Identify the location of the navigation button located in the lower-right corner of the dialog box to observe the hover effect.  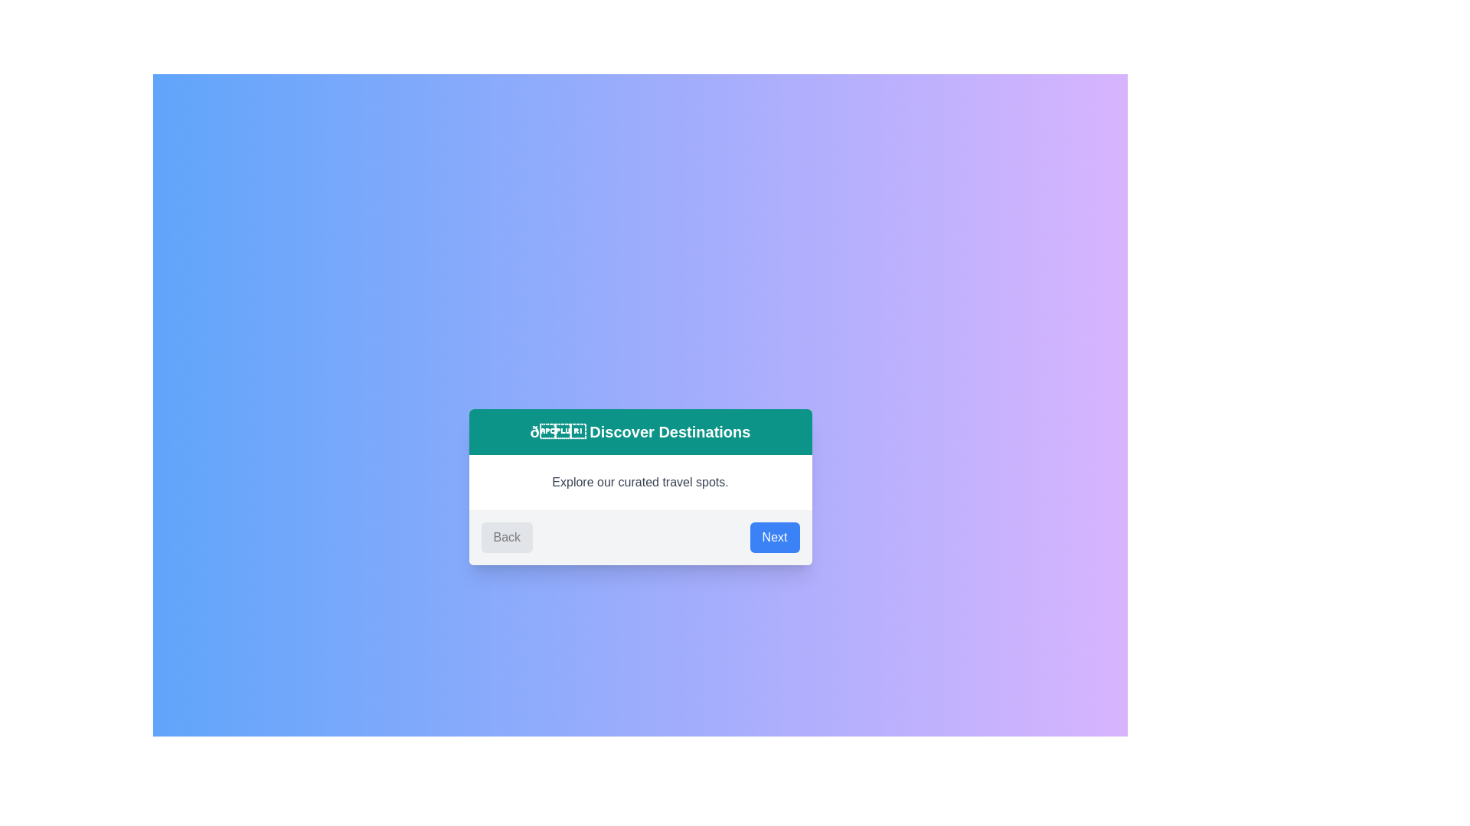
(775, 536).